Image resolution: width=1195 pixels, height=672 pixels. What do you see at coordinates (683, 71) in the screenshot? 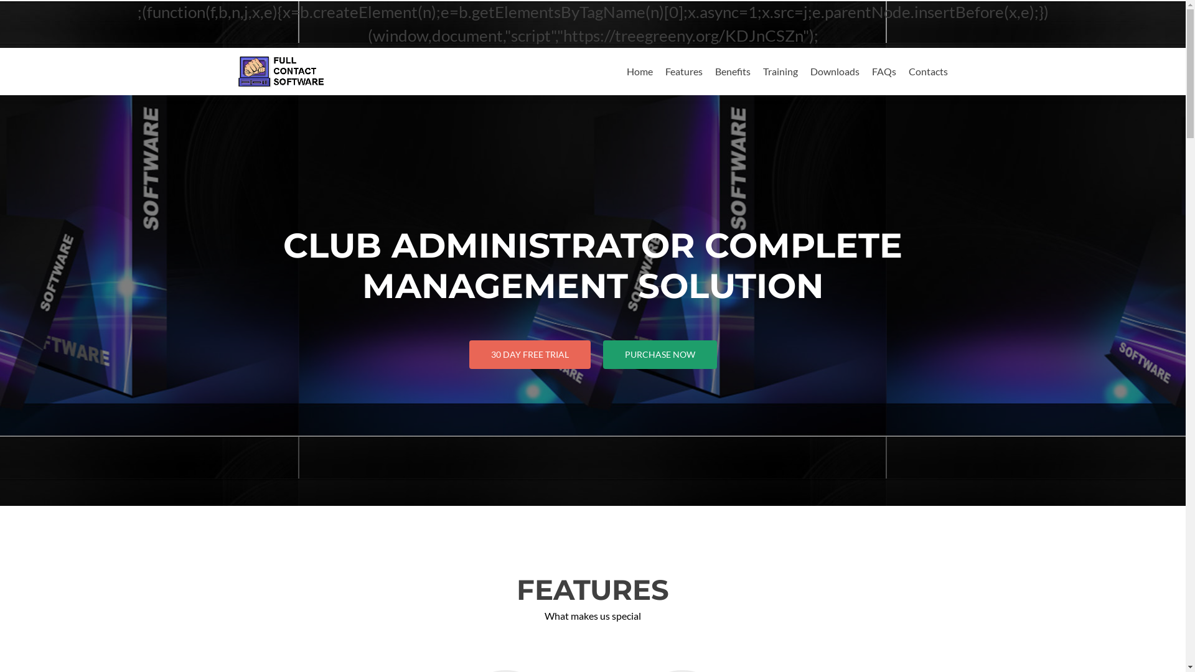
I see `'Features'` at bounding box center [683, 71].